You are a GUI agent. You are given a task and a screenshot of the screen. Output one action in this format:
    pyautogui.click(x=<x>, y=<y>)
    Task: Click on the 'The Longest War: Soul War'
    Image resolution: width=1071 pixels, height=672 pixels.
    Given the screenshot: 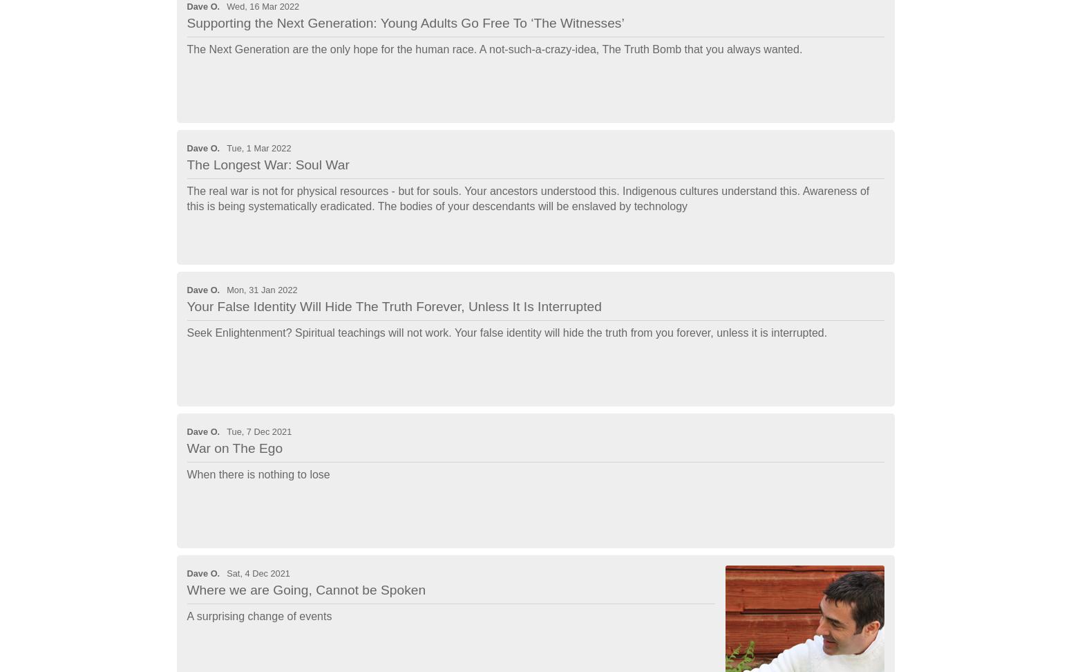 What is the action you would take?
    pyautogui.click(x=187, y=163)
    